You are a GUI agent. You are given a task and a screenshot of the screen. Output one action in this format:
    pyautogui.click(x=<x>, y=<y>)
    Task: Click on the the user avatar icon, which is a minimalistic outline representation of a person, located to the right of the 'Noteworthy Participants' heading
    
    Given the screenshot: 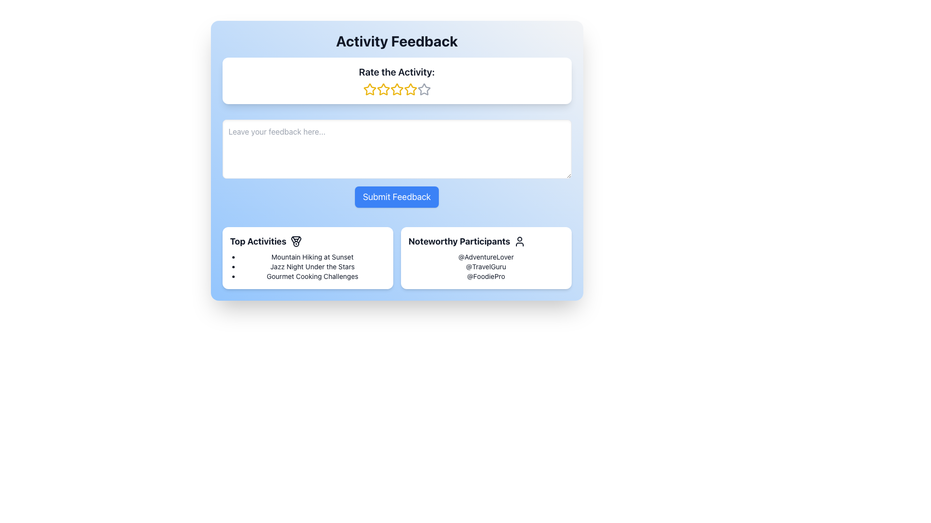 What is the action you would take?
    pyautogui.click(x=519, y=241)
    